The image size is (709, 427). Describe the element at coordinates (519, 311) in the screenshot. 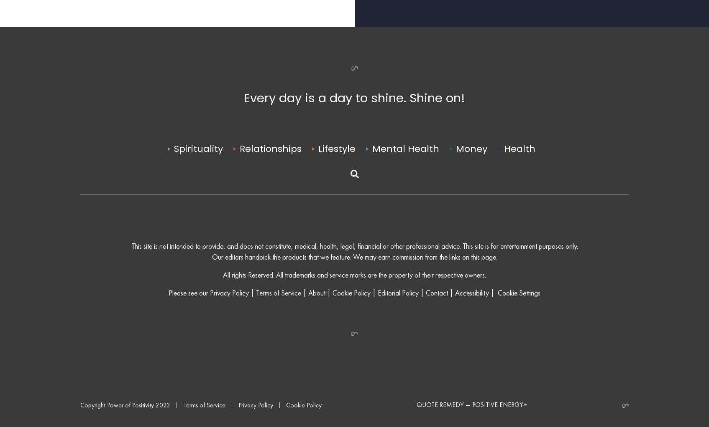

I see `'Cookie Settings'` at that location.